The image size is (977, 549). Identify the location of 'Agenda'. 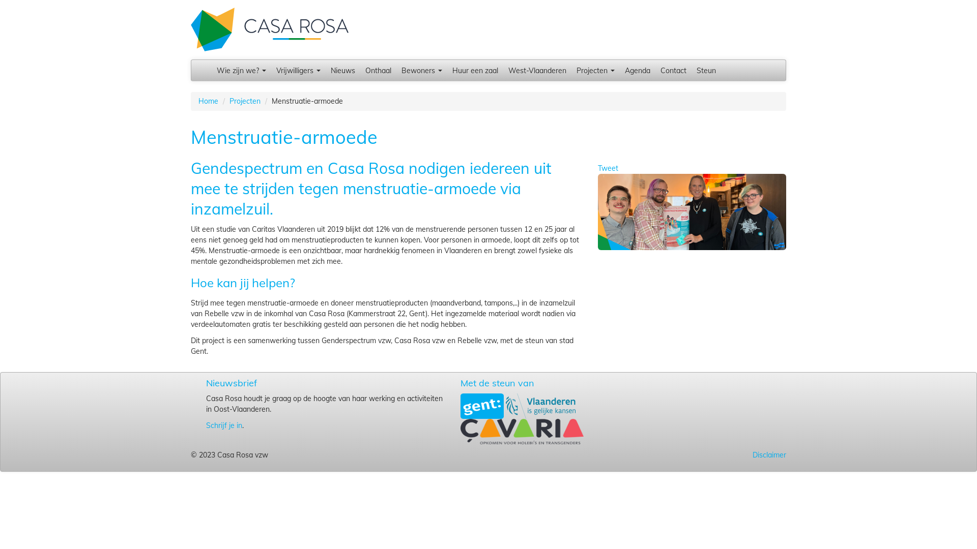
(637, 70).